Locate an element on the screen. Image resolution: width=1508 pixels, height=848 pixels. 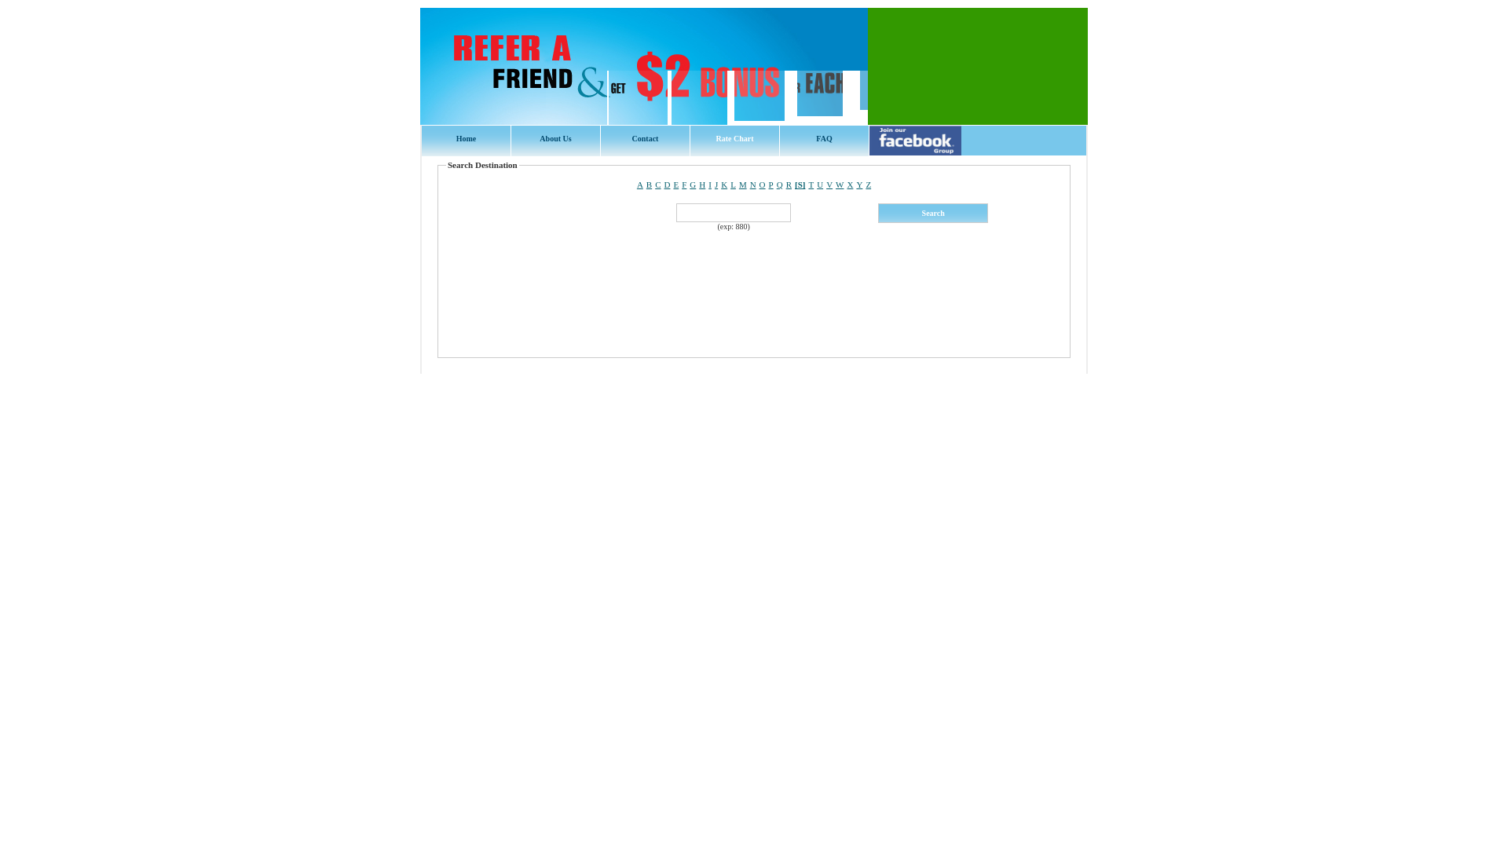
'I' is located at coordinates (708, 184).